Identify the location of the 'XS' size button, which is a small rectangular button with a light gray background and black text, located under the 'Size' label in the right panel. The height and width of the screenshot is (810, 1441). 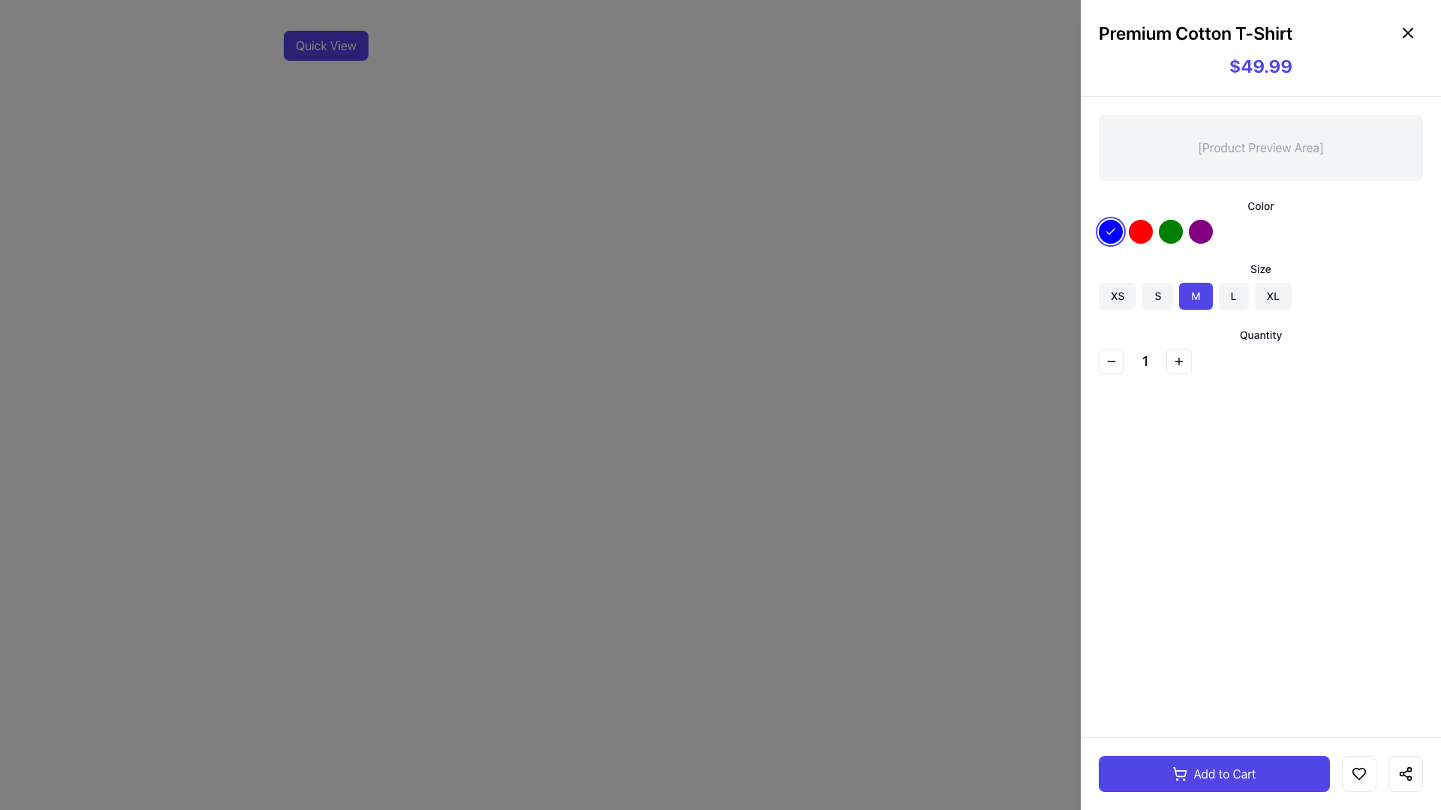
(1118, 295).